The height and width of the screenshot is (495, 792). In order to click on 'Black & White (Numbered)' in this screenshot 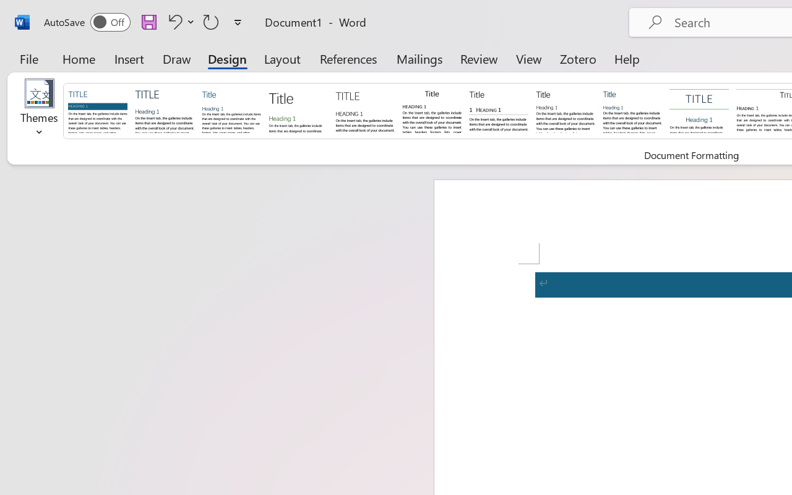, I will do `click(499, 110)`.